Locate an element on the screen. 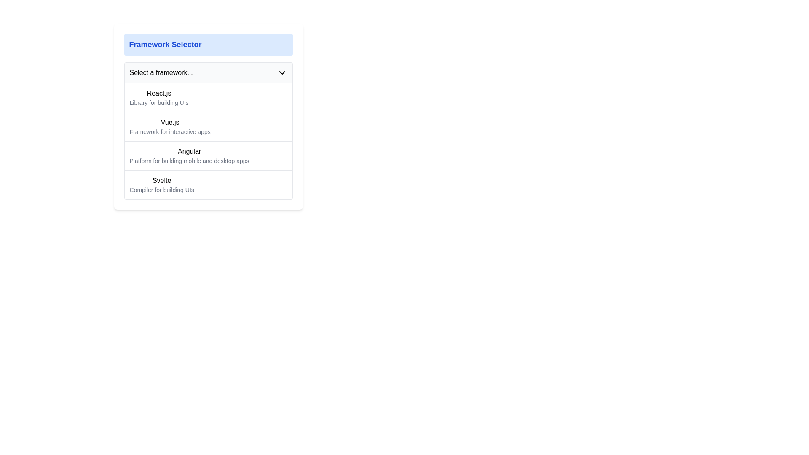 This screenshot has width=809, height=455. the text display for 'React.js' in the dropdown menu titled 'Framework Selector' is located at coordinates (159, 97).